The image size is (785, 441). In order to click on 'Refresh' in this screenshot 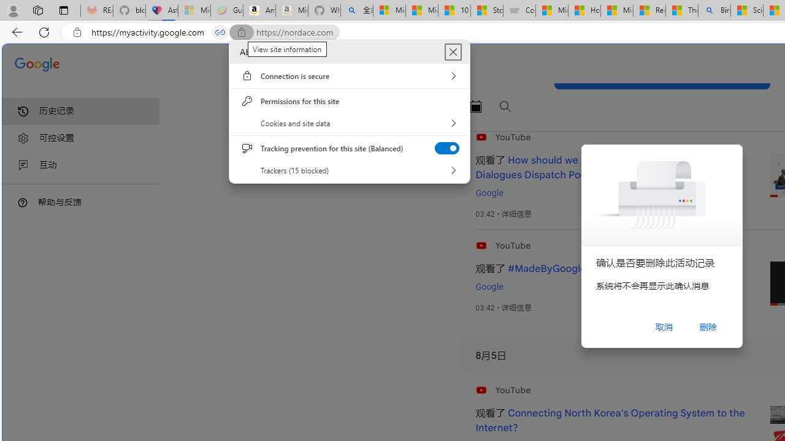, I will do `click(44, 31)`.